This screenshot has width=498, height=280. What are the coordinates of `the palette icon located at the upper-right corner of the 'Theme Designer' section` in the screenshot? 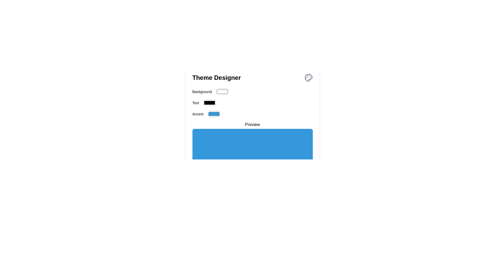 It's located at (308, 78).